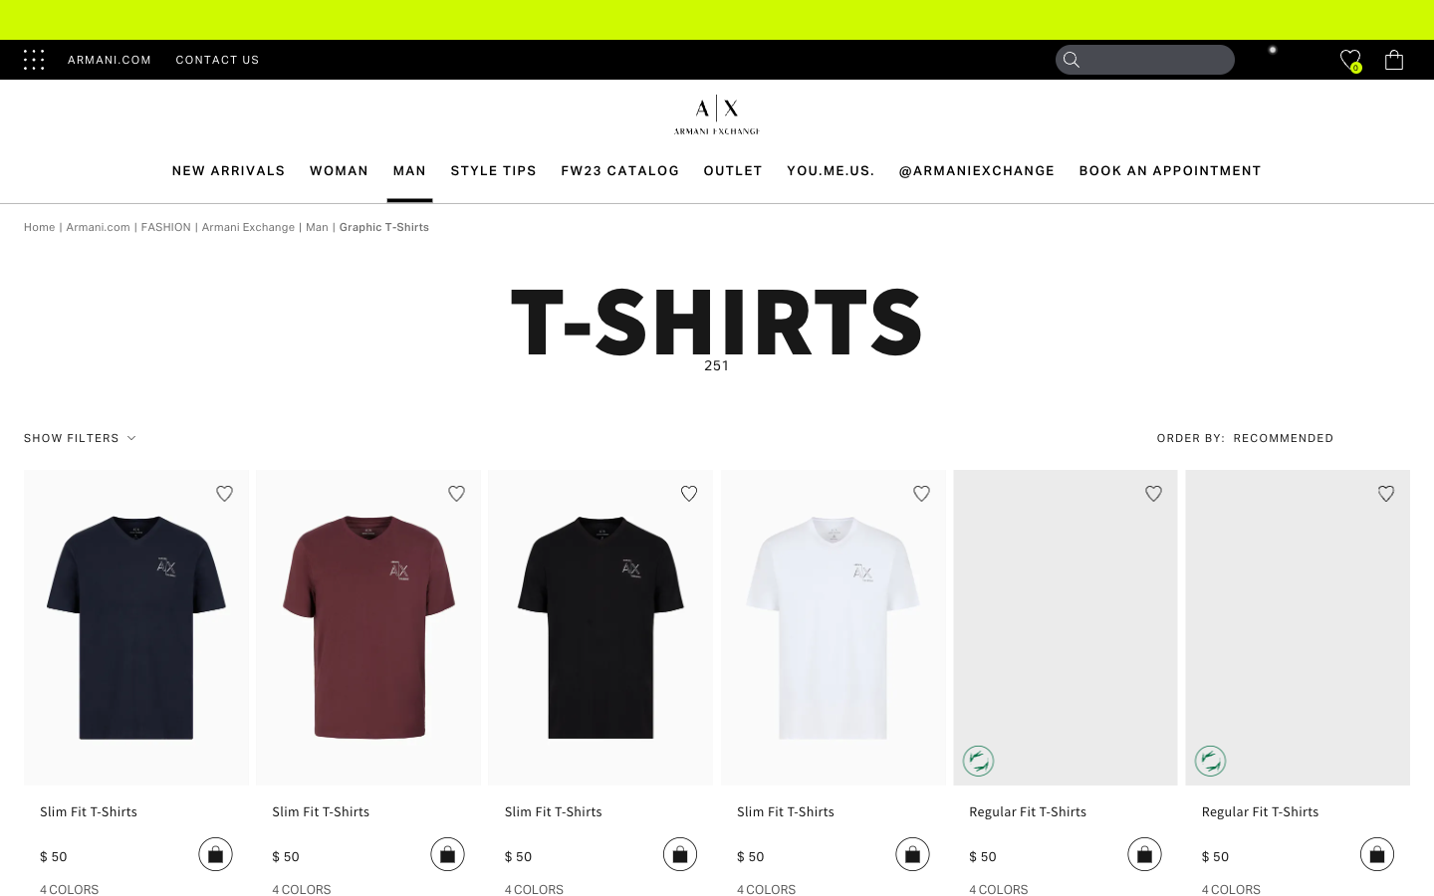 The width and height of the screenshot is (1434, 896). I want to click on outlet menu item at the top to navigate to that tab, so click(732, 170).